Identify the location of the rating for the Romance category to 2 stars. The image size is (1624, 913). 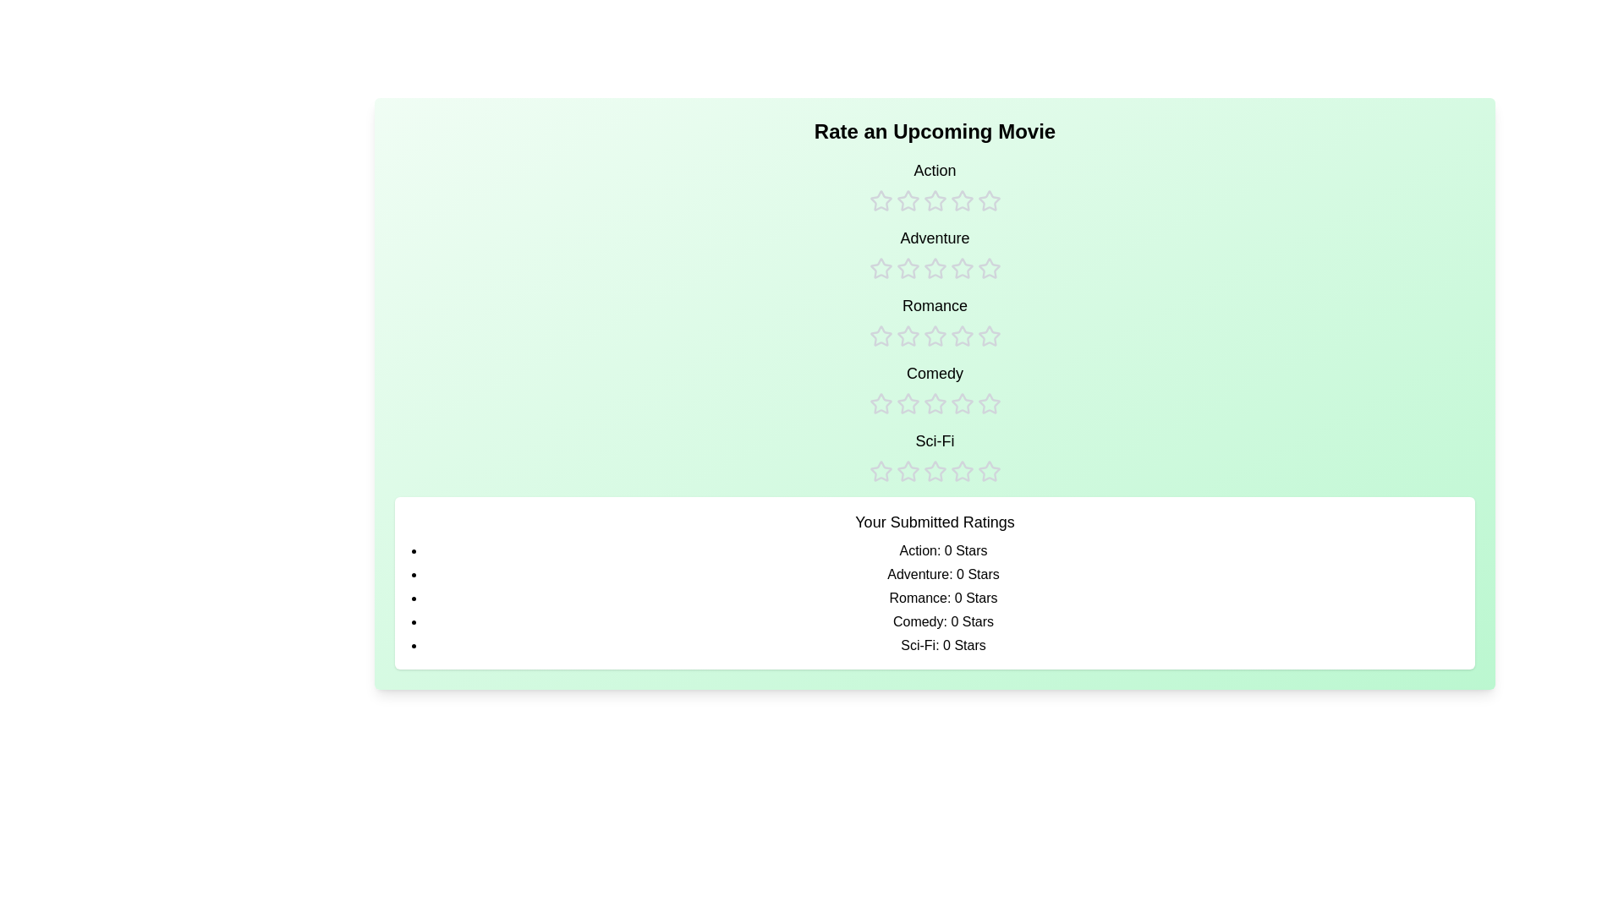
(907, 321).